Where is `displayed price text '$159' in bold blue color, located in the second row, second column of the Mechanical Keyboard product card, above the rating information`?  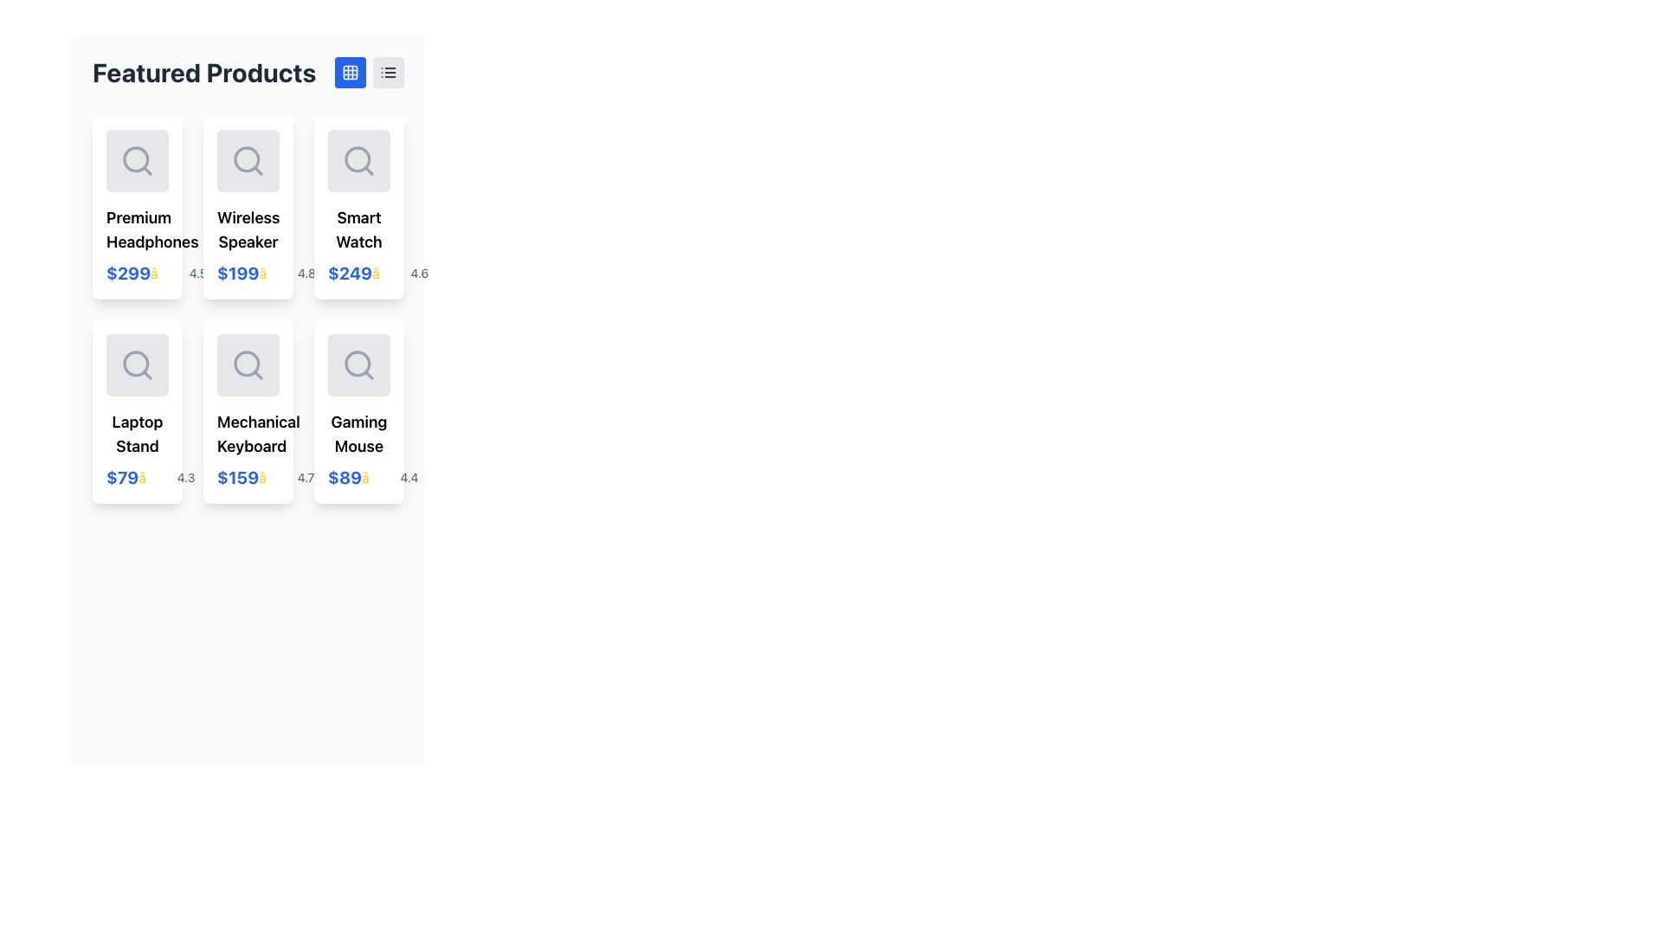 displayed price text '$159' in bold blue color, located in the second row, second column of the Mechanical Keyboard product card, above the rating information is located at coordinates (237, 477).